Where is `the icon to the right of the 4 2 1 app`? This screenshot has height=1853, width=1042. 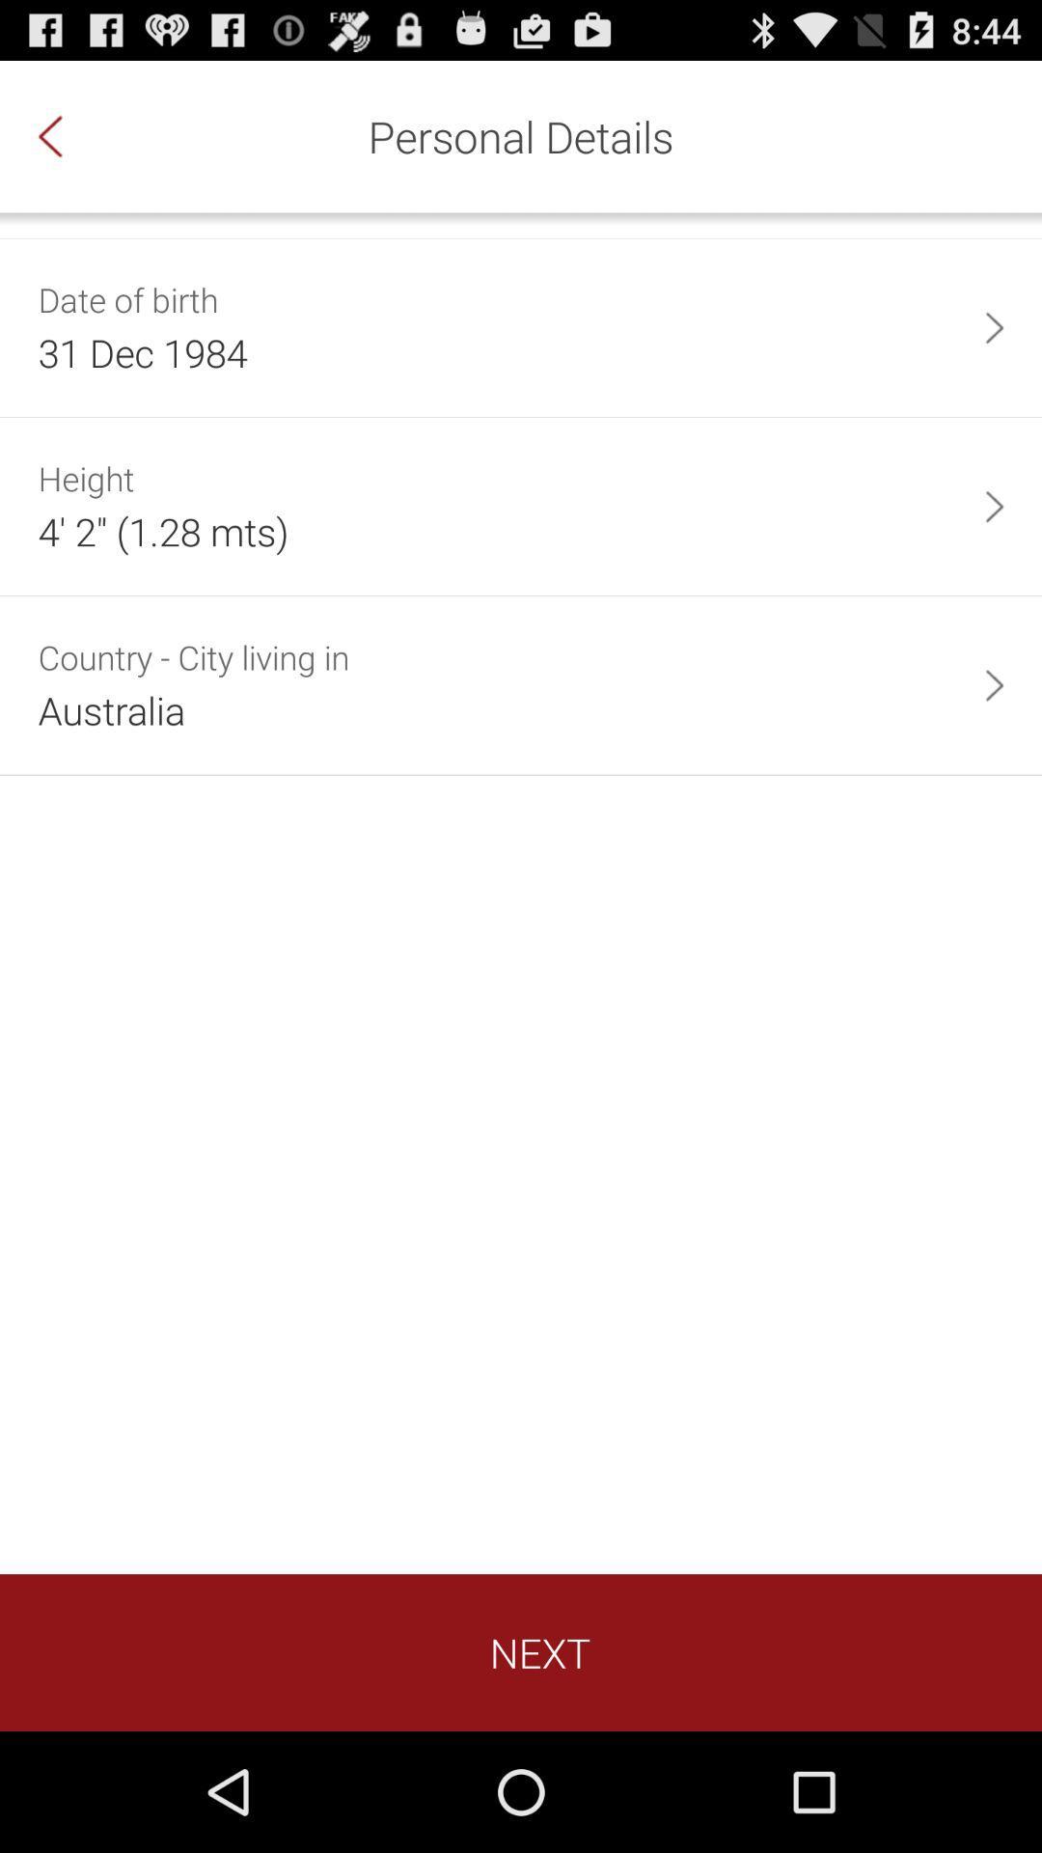 the icon to the right of the 4 2 1 app is located at coordinates (994, 506).